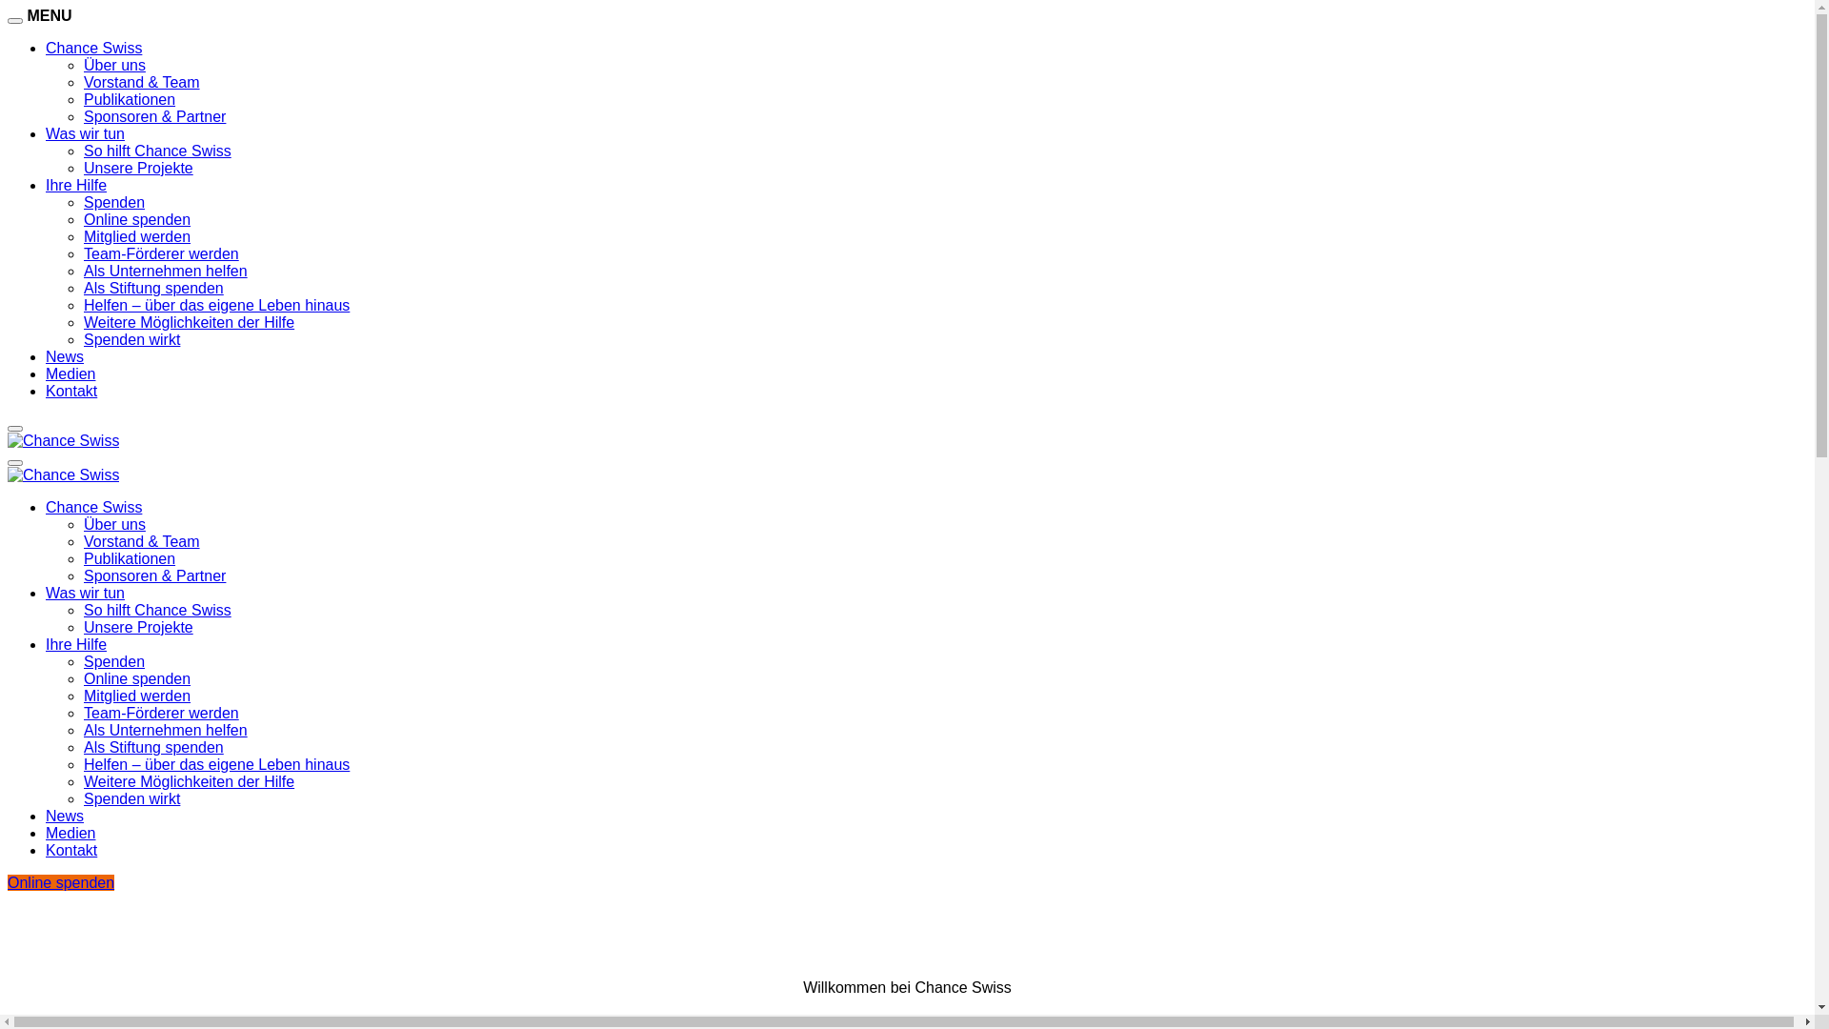 The width and height of the screenshot is (1829, 1029). What do you see at coordinates (82, 729) in the screenshot?
I see `'Als Unternehmen helfen'` at bounding box center [82, 729].